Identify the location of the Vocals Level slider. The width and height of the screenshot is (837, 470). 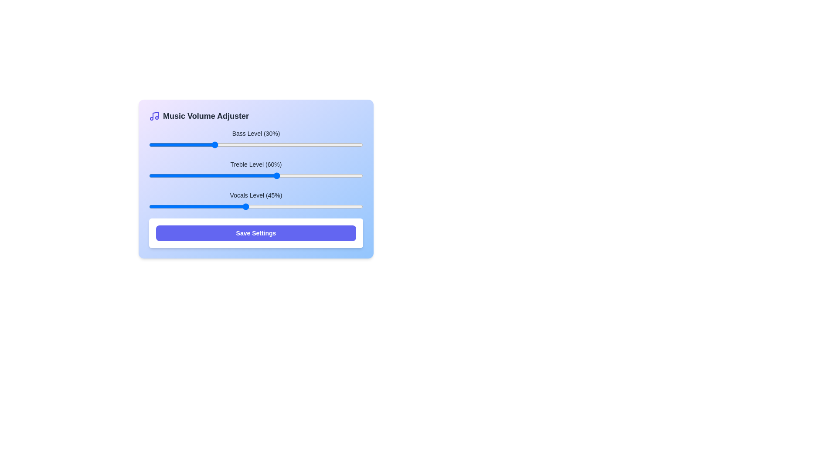
(337, 206).